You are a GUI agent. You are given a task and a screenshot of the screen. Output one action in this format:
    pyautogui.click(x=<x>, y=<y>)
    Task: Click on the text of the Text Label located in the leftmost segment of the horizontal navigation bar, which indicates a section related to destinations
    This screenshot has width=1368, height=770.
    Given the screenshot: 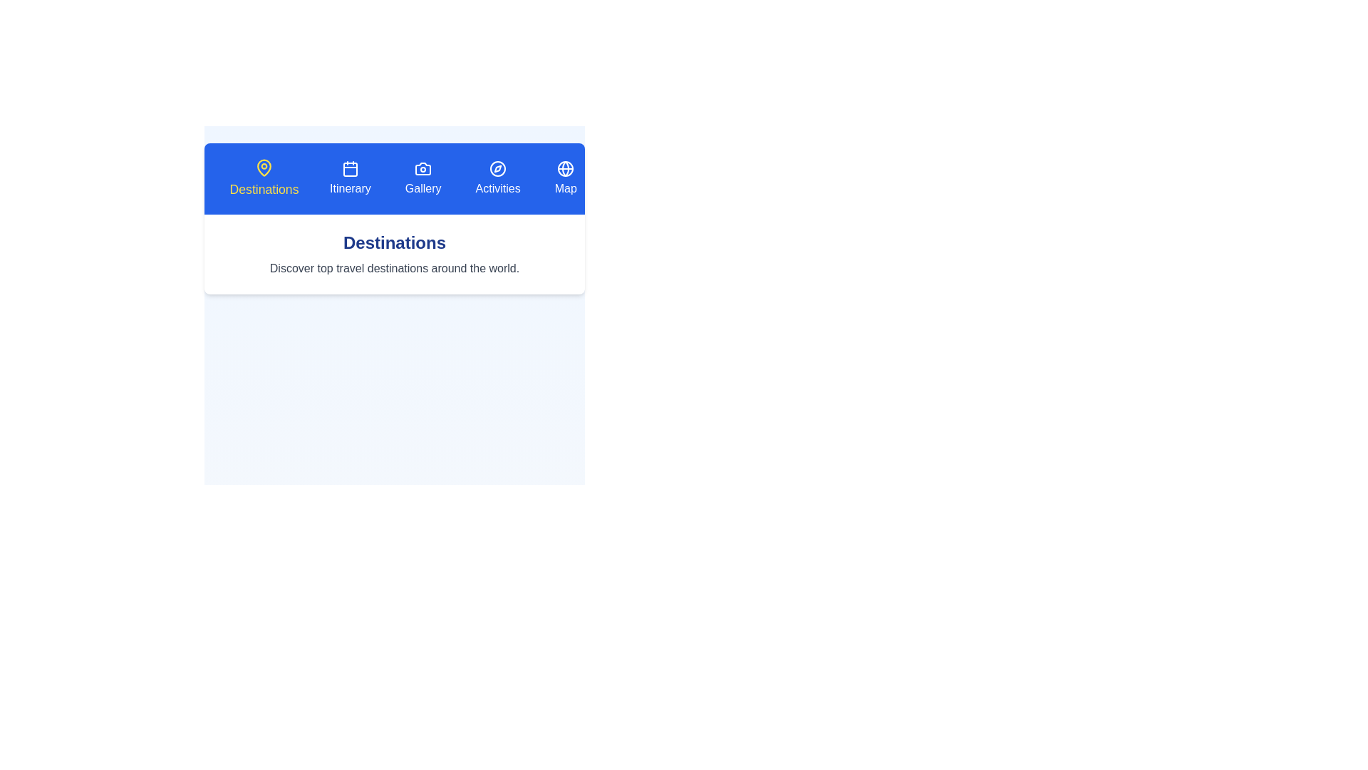 What is the action you would take?
    pyautogui.click(x=264, y=189)
    